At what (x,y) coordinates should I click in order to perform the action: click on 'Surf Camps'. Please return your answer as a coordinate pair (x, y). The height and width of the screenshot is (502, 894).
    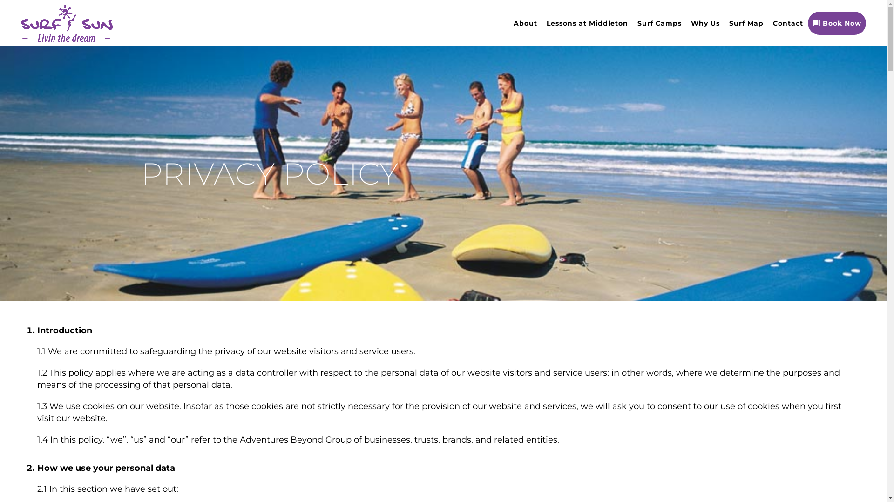
    Looking at the image, I should click on (632, 23).